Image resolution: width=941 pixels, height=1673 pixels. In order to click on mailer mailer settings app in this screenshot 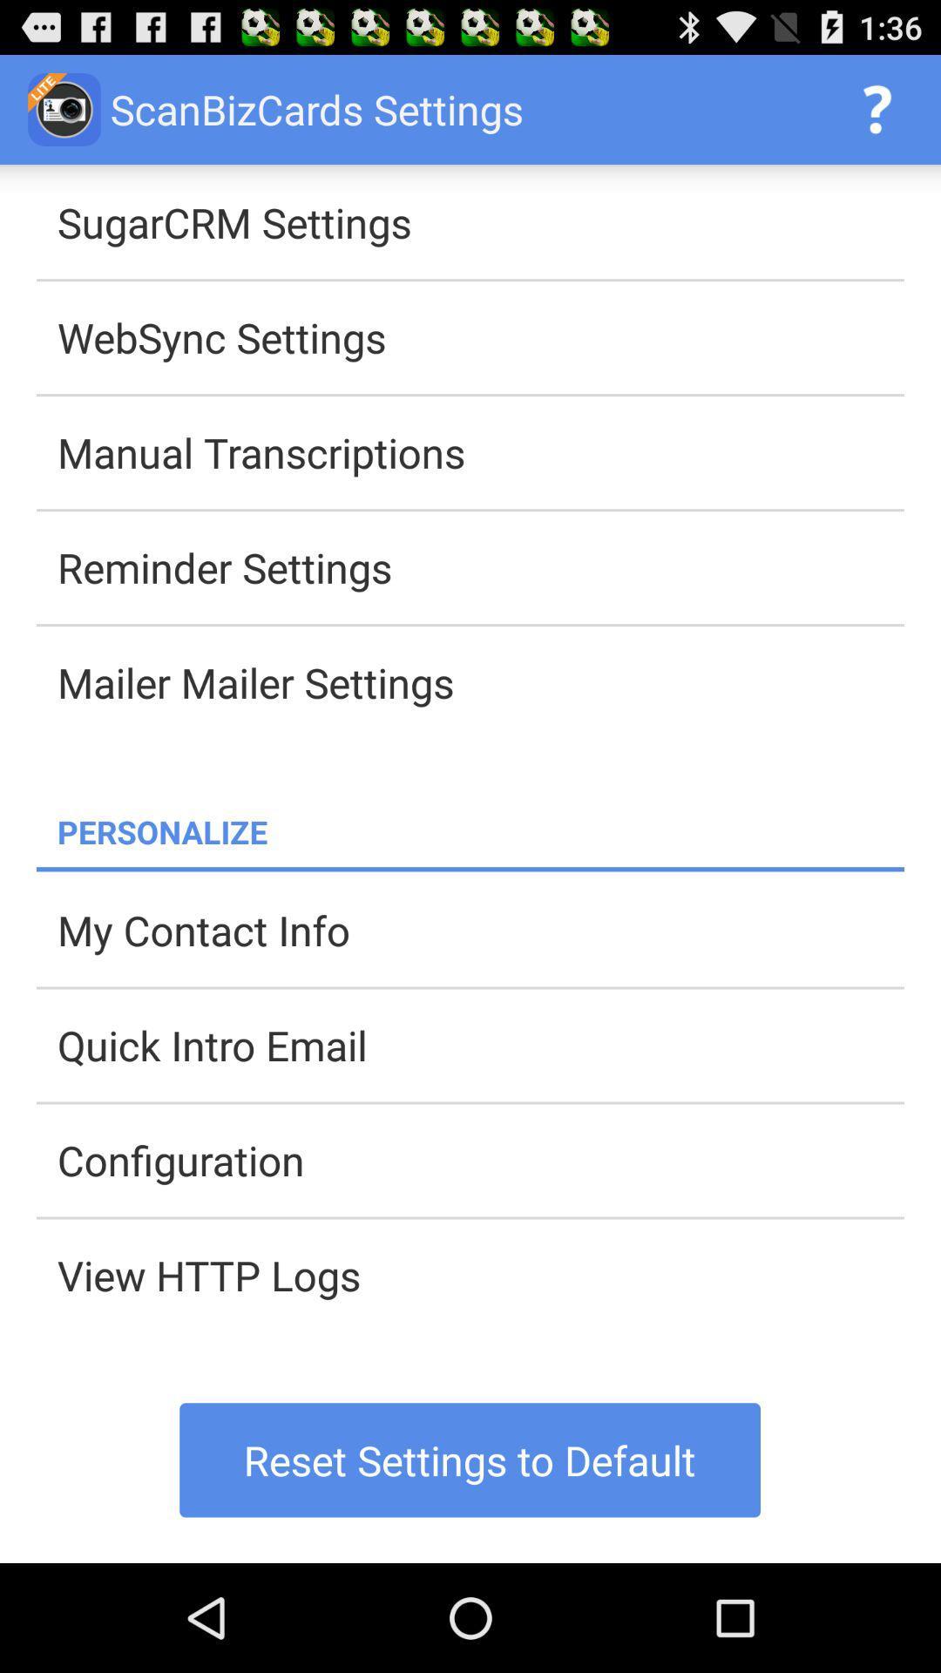, I will do `click(480, 681)`.